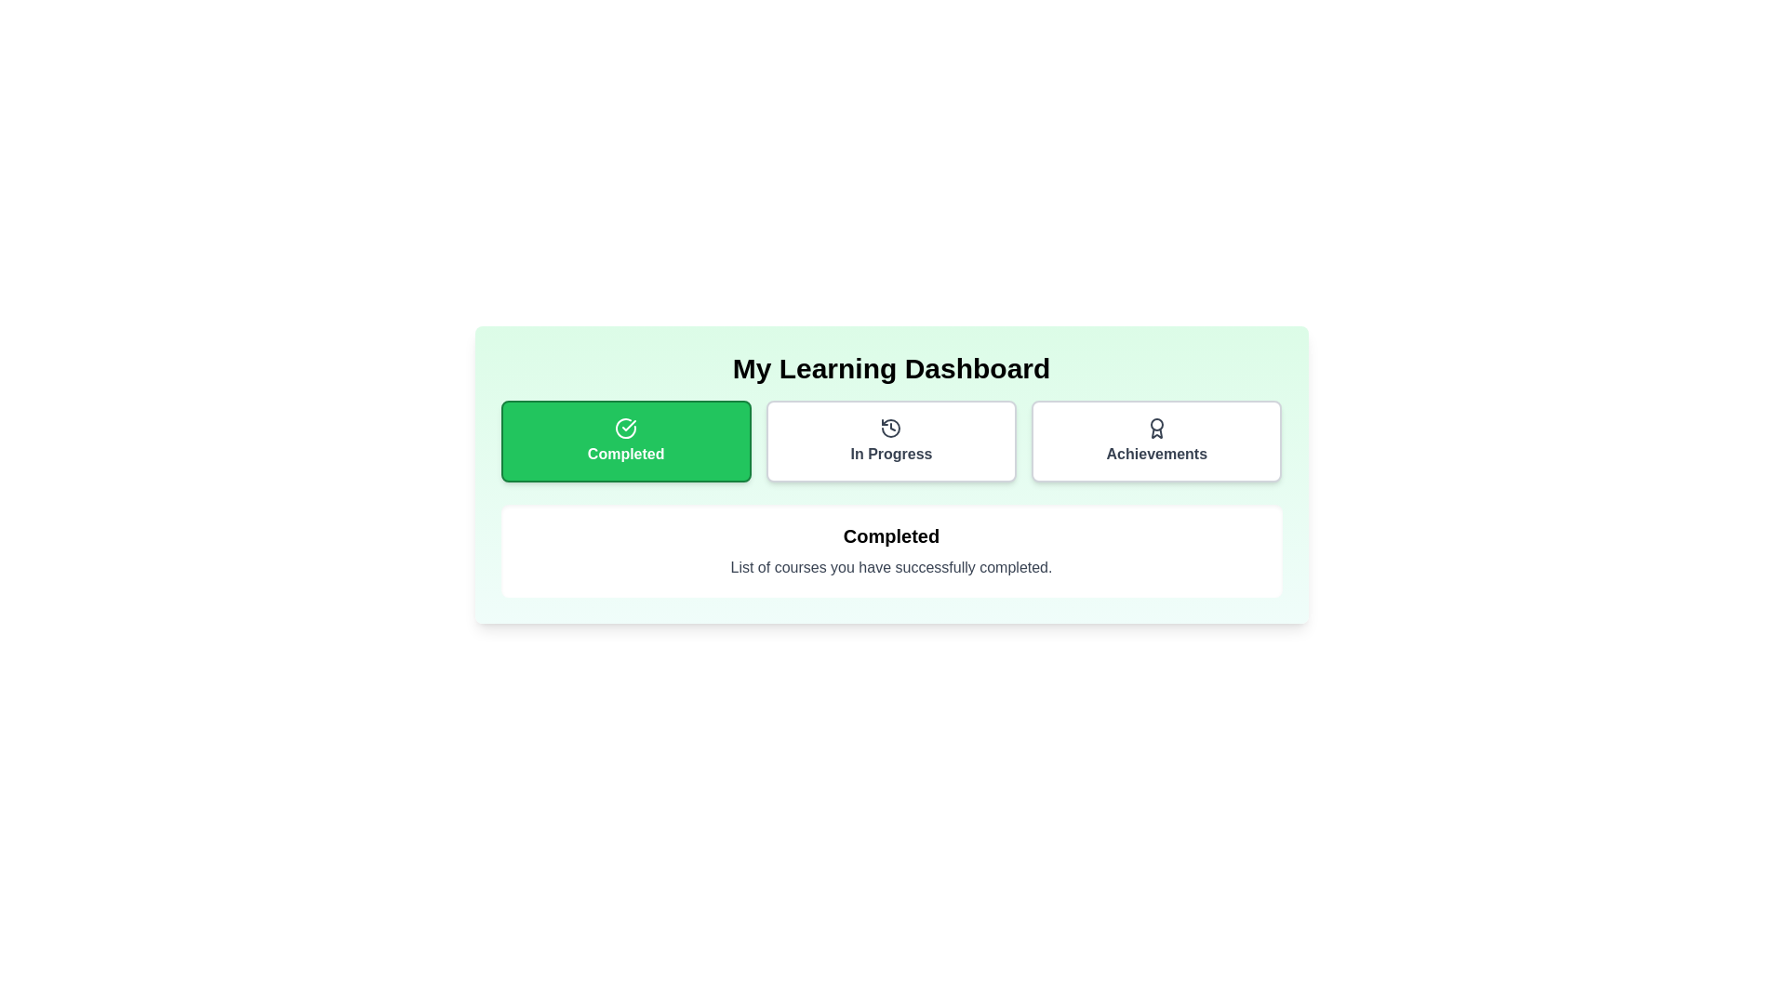 The width and height of the screenshot is (1786, 1004). Describe the element at coordinates (625, 441) in the screenshot. I see `the Completed tab by clicking its corresponding button` at that location.